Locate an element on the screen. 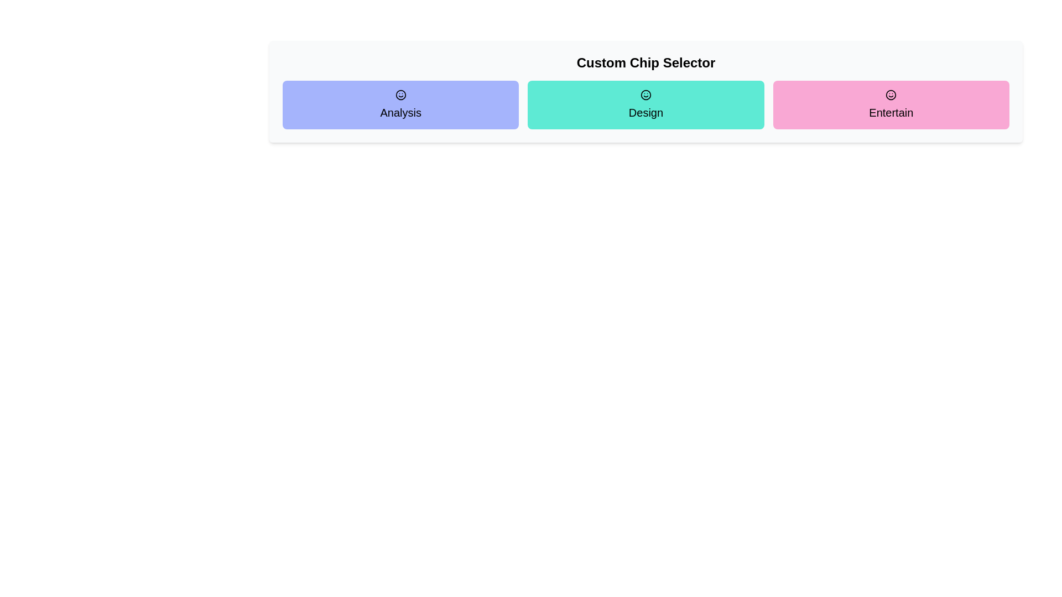  the chip labeled Analysis is located at coordinates (400, 104).